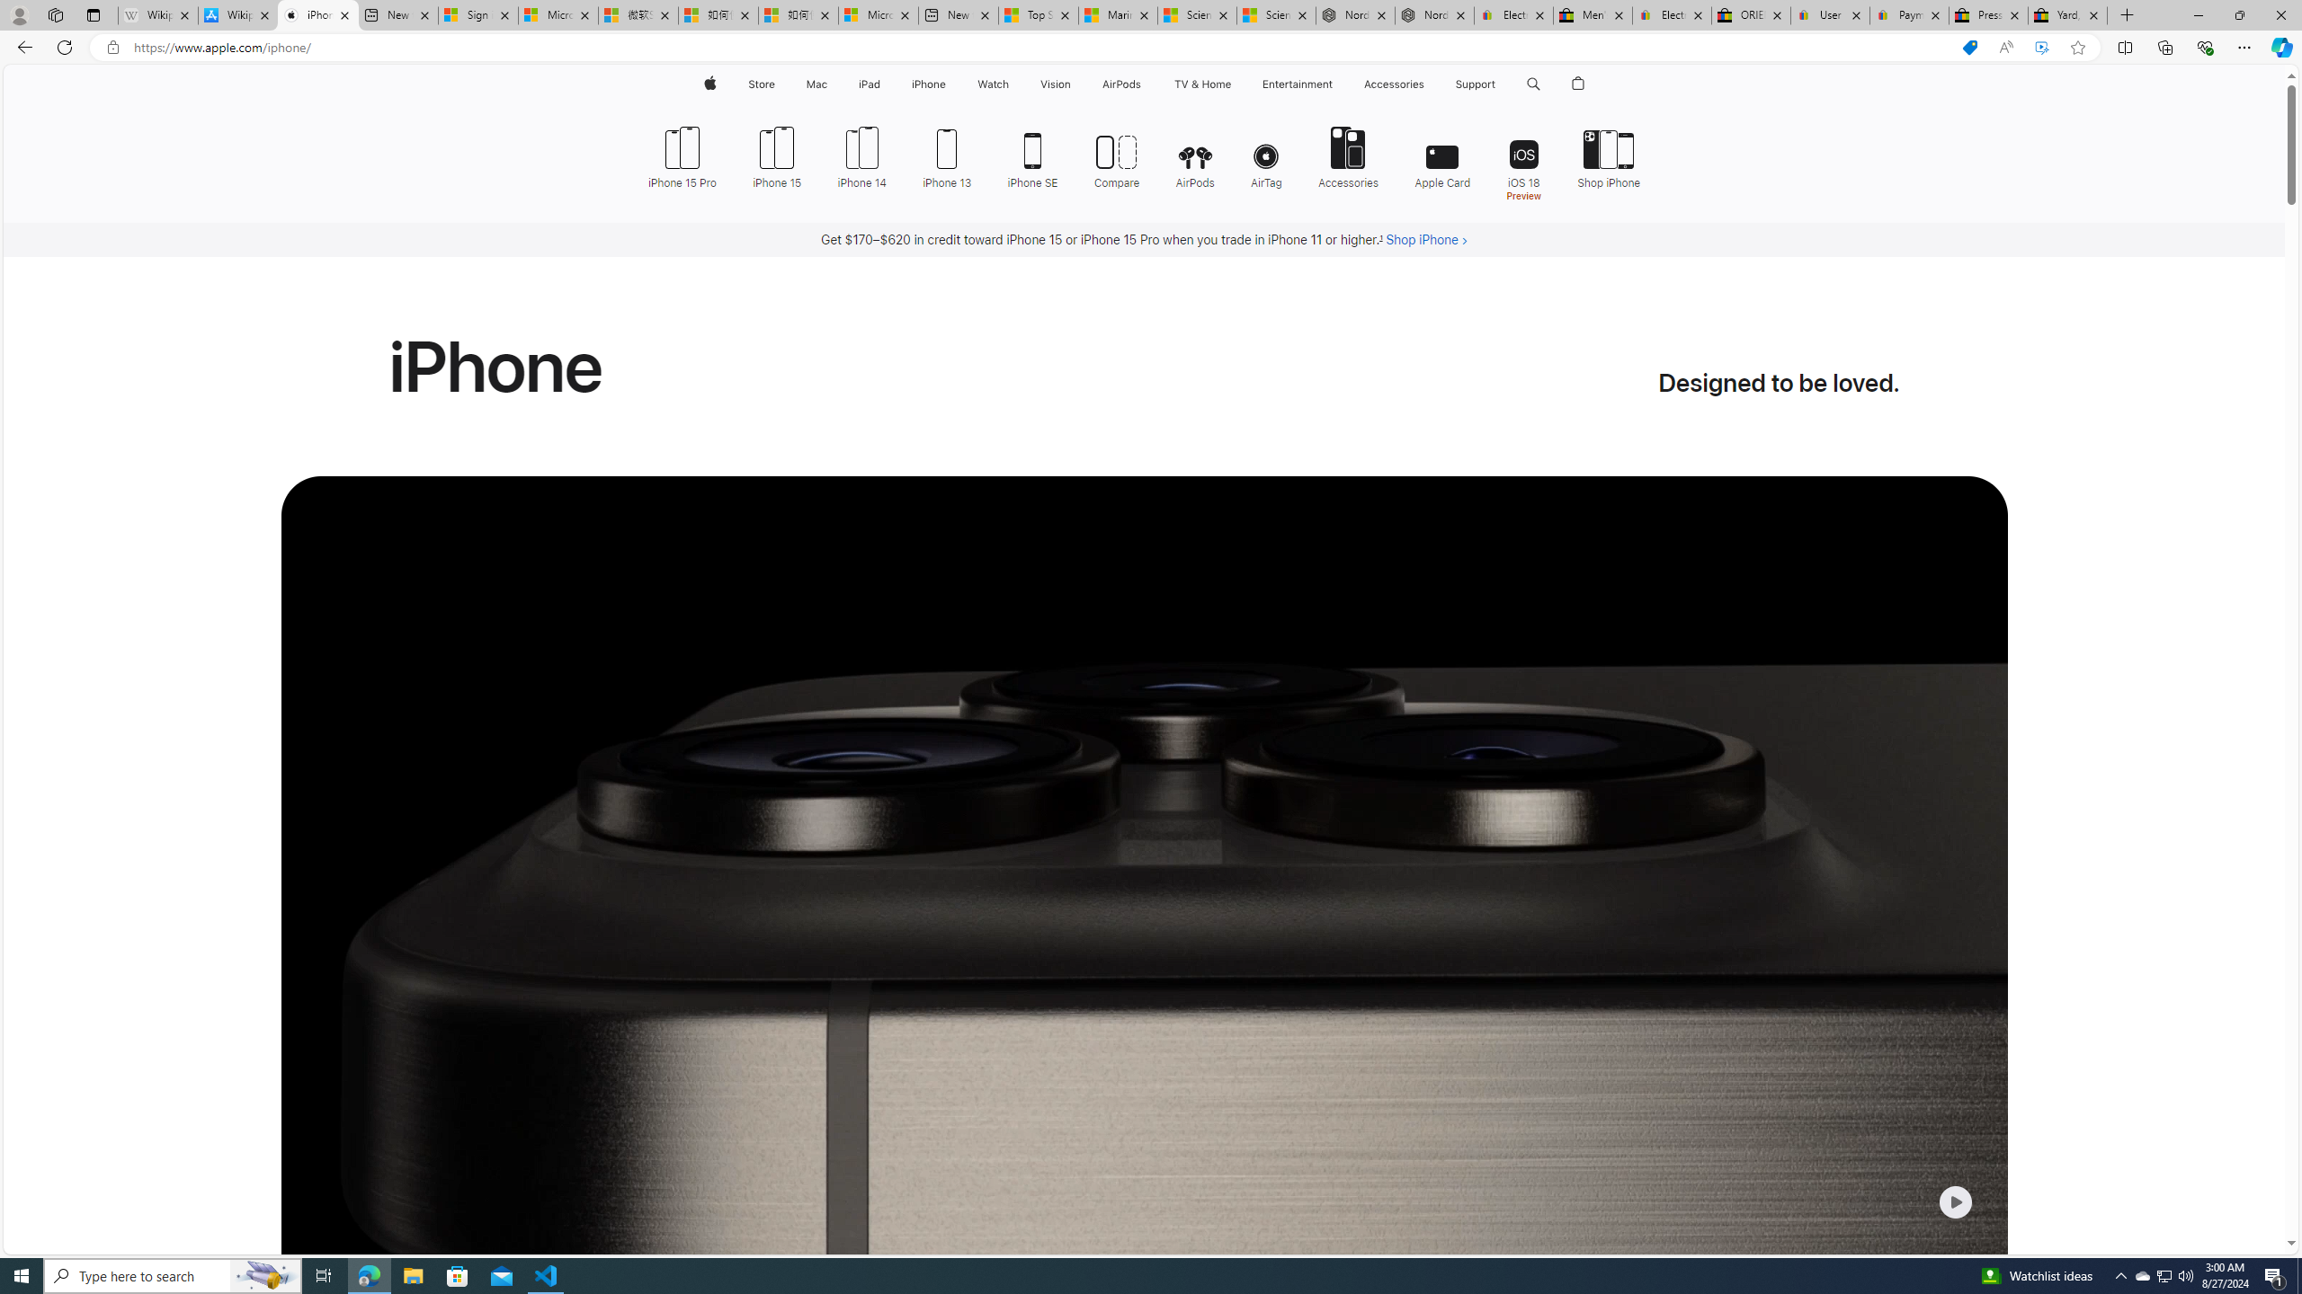  Describe the element at coordinates (946, 155) in the screenshot. I see `'iPhone 13'` at that location.